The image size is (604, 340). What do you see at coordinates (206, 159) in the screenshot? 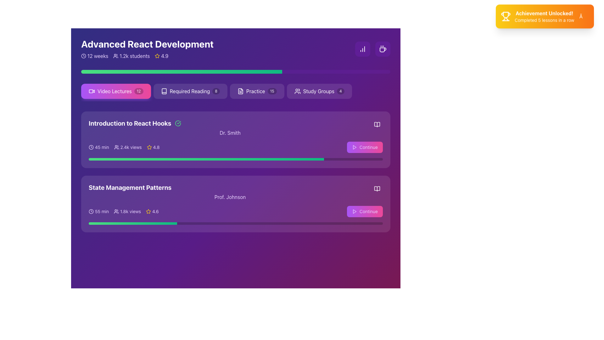
I see `the inner indicator of the progress bar within the 'Introduction to React Hooks' lesson card, which features a gradient-filled bar ranging from green to emerald colors` at bounding box center [206, 159].